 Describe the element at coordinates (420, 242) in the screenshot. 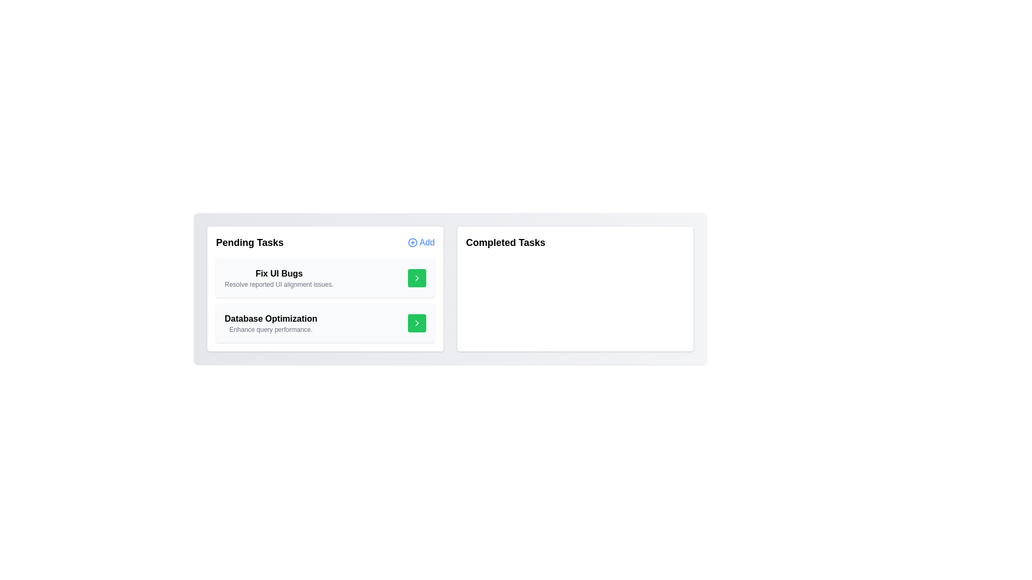

I see `the 'Add' button in the 'Pending Tasks' section to add a new task` at that location.